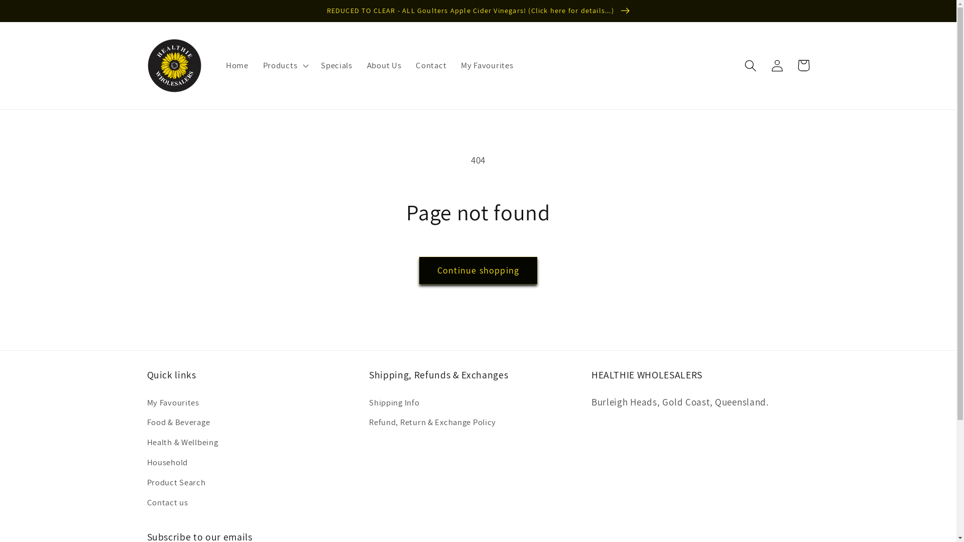  Describe the element at coordinates (337, 66) in the screenshot. I see `'Specials'` at that location.